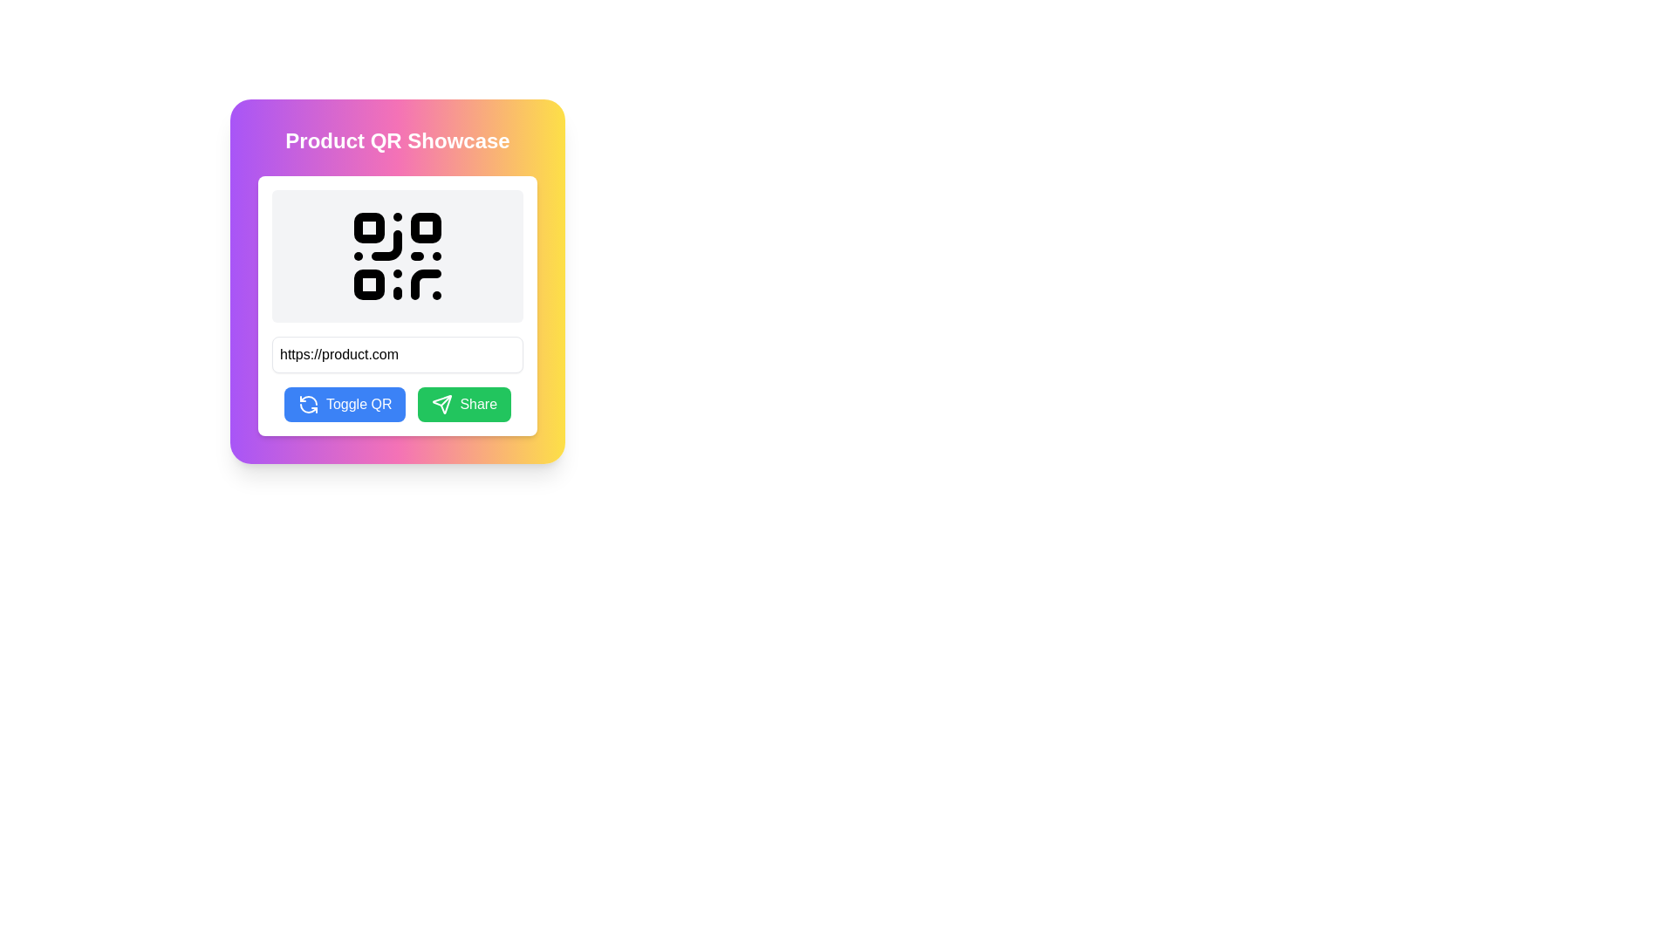 The image size is (1675, 942). I want to click on the small black square with rounded corners located below and to the left of the central empty space in the QR code graphic, so click(368, 283).